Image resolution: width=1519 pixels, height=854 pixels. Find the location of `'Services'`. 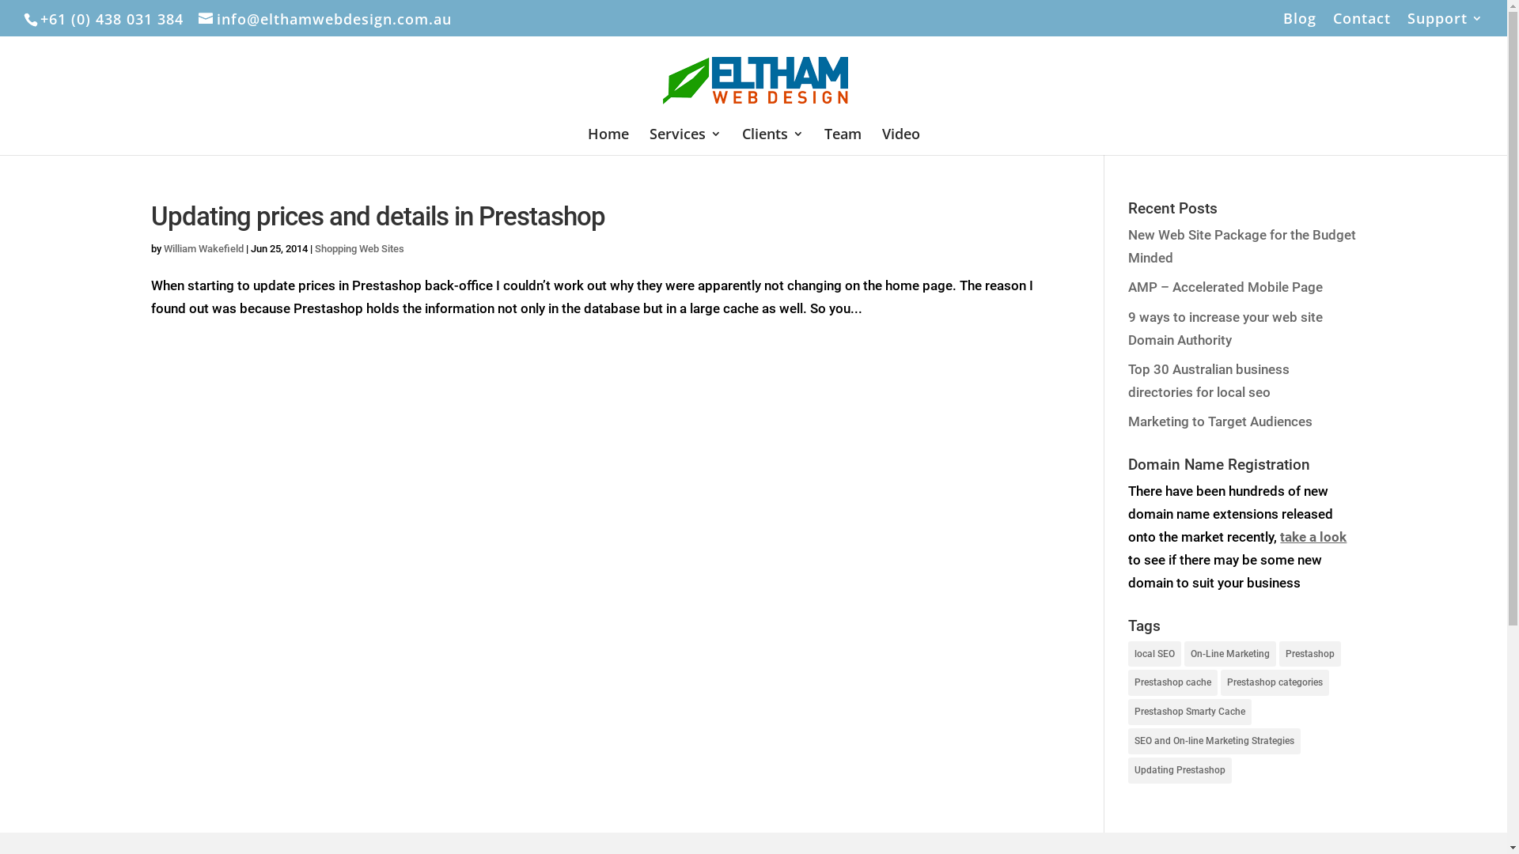

'Services' is located at coordinates (649, 140).